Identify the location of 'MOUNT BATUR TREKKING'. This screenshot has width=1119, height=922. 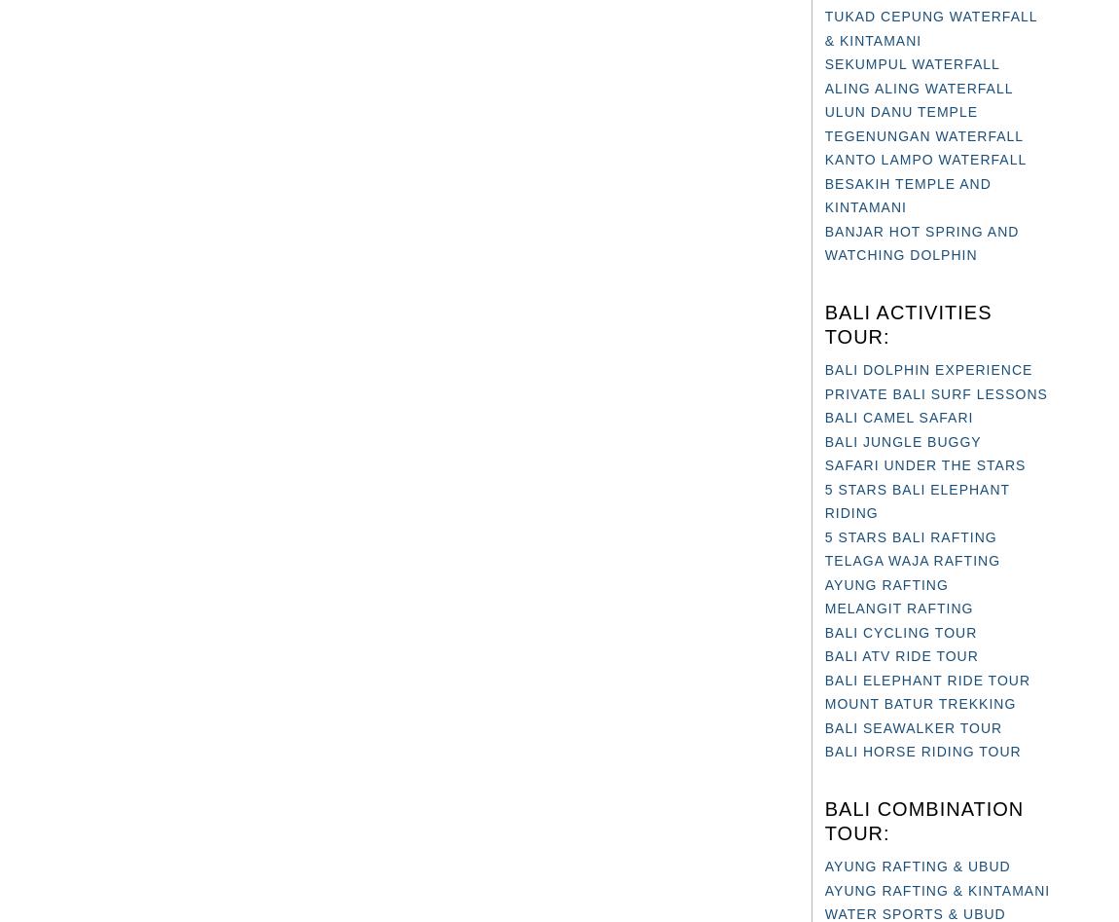
(920, 703).